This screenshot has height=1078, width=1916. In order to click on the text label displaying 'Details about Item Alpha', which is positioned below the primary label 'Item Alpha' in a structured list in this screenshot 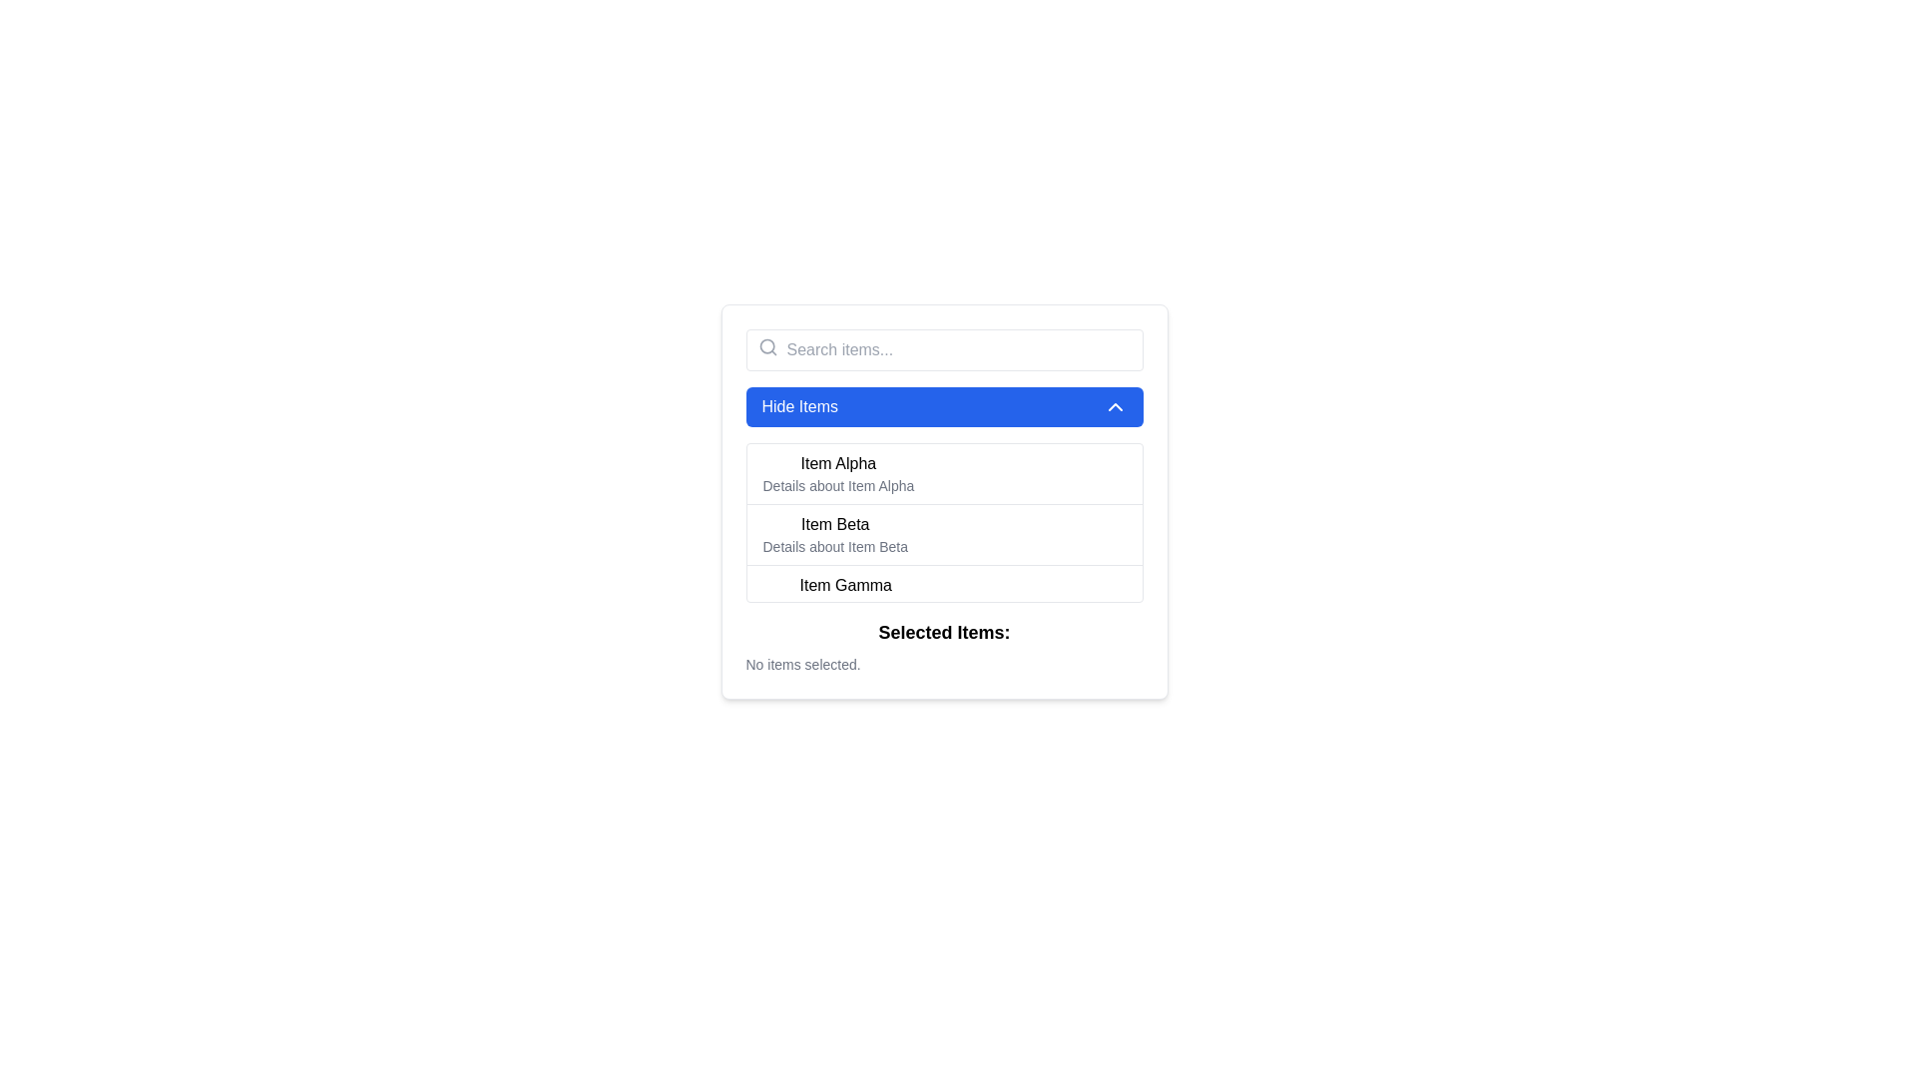, I will do `click(838, 485)`.